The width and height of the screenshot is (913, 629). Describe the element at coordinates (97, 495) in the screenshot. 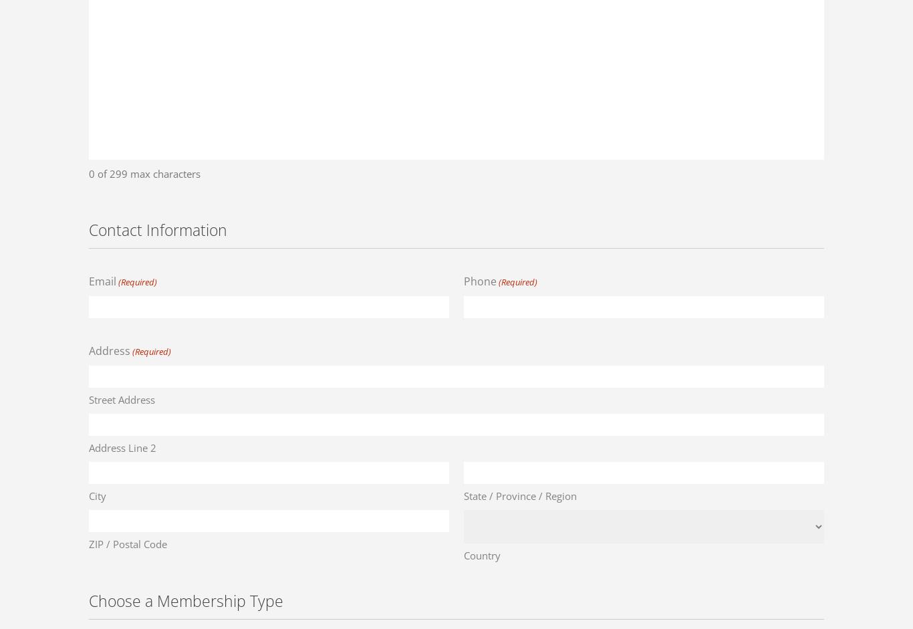

I see `'City'` at that location.